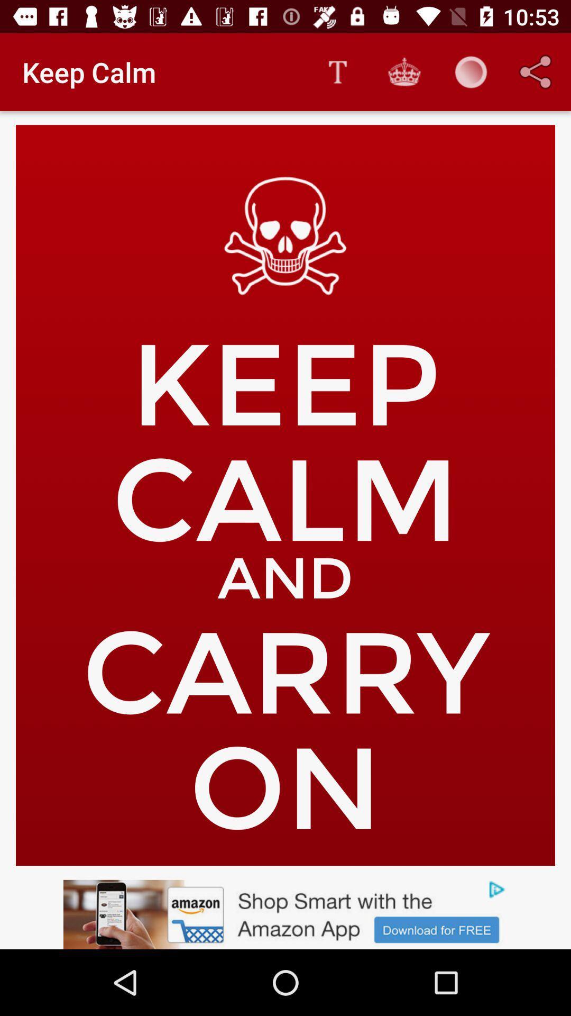  Describe the element at coordinates (338, 71) in the screenshot. I see `the item to the right of the keep calm icon` at that location.